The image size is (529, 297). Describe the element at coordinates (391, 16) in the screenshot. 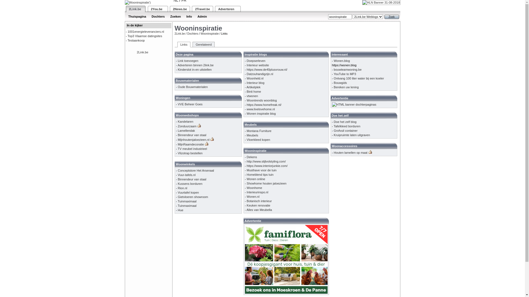

I see `'Zoek'` at that location.